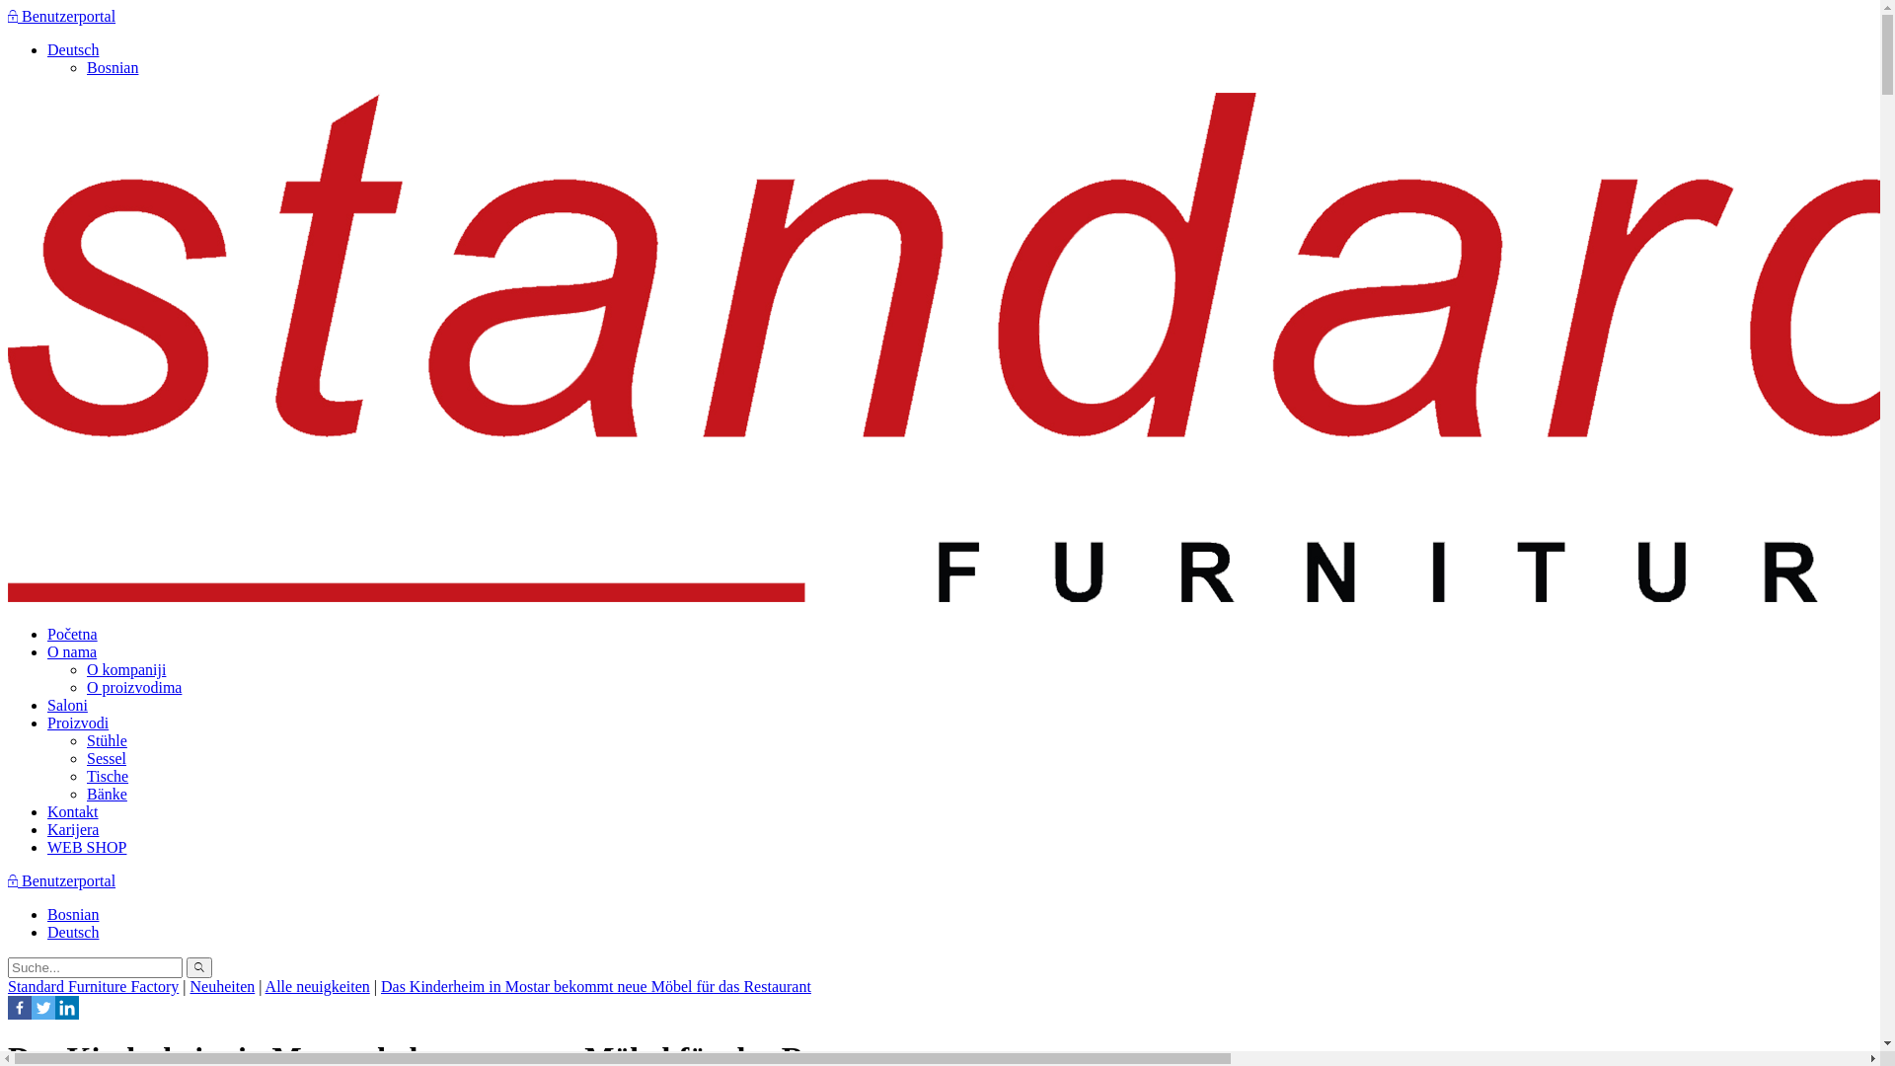 This screenshot has width=1895, height=1066. What do you see at coordinates (85, 757) in the screenshot?
I see `'Sessel'` at bounding box center [85, 757].